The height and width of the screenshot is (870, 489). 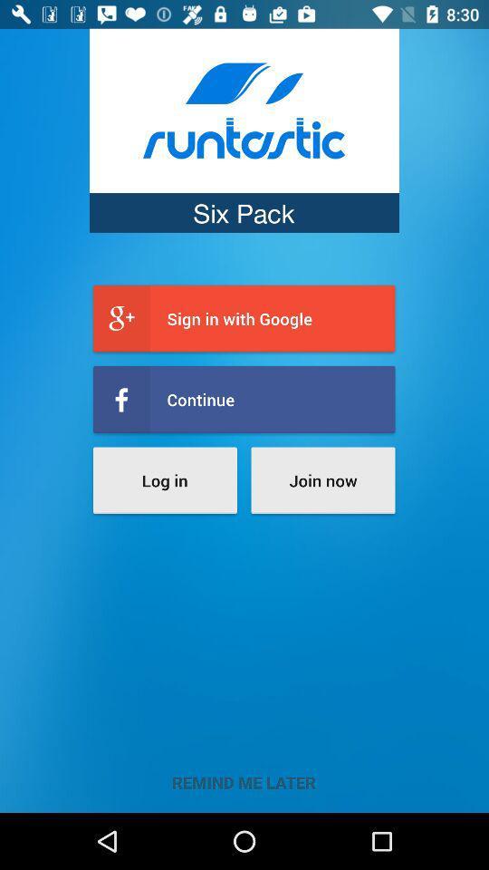 What do you see at coordinates (165, 479) in the screenshot?
I see `icon below the continue item` at bounding box center [165, 479].